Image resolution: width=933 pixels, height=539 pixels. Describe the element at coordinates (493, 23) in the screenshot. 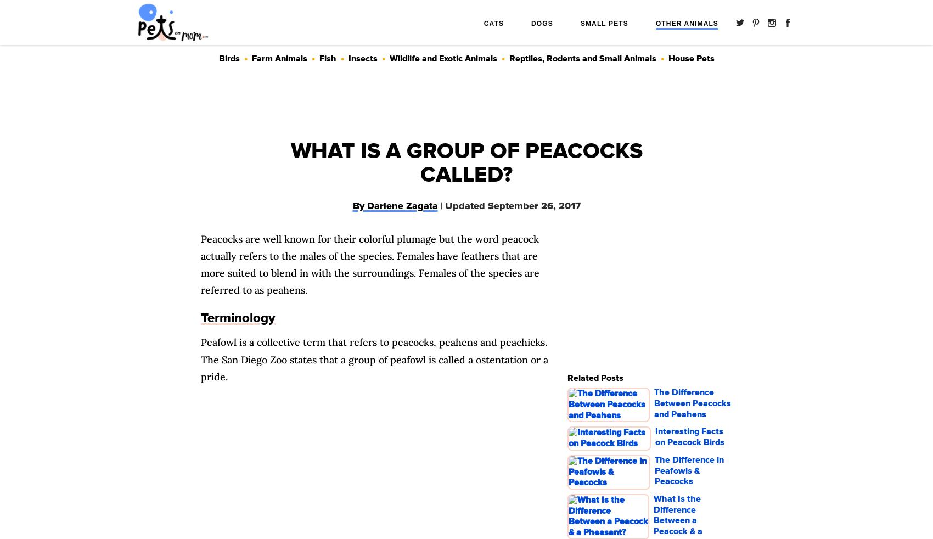

I see `'Cats'` at that location.